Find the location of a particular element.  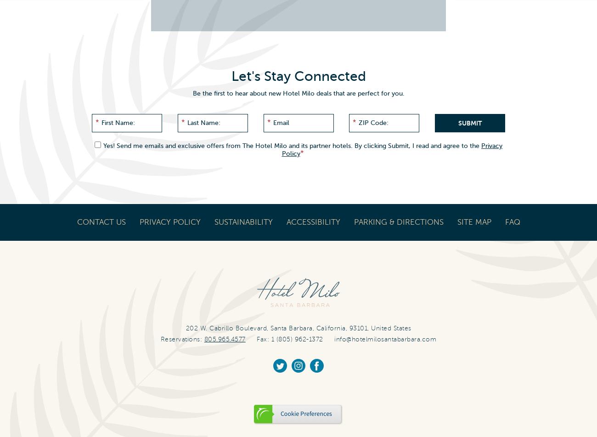

'Be the first to hear about new Hotel Milo deals that are perfect for you.' is located at coordinates (298, 93).